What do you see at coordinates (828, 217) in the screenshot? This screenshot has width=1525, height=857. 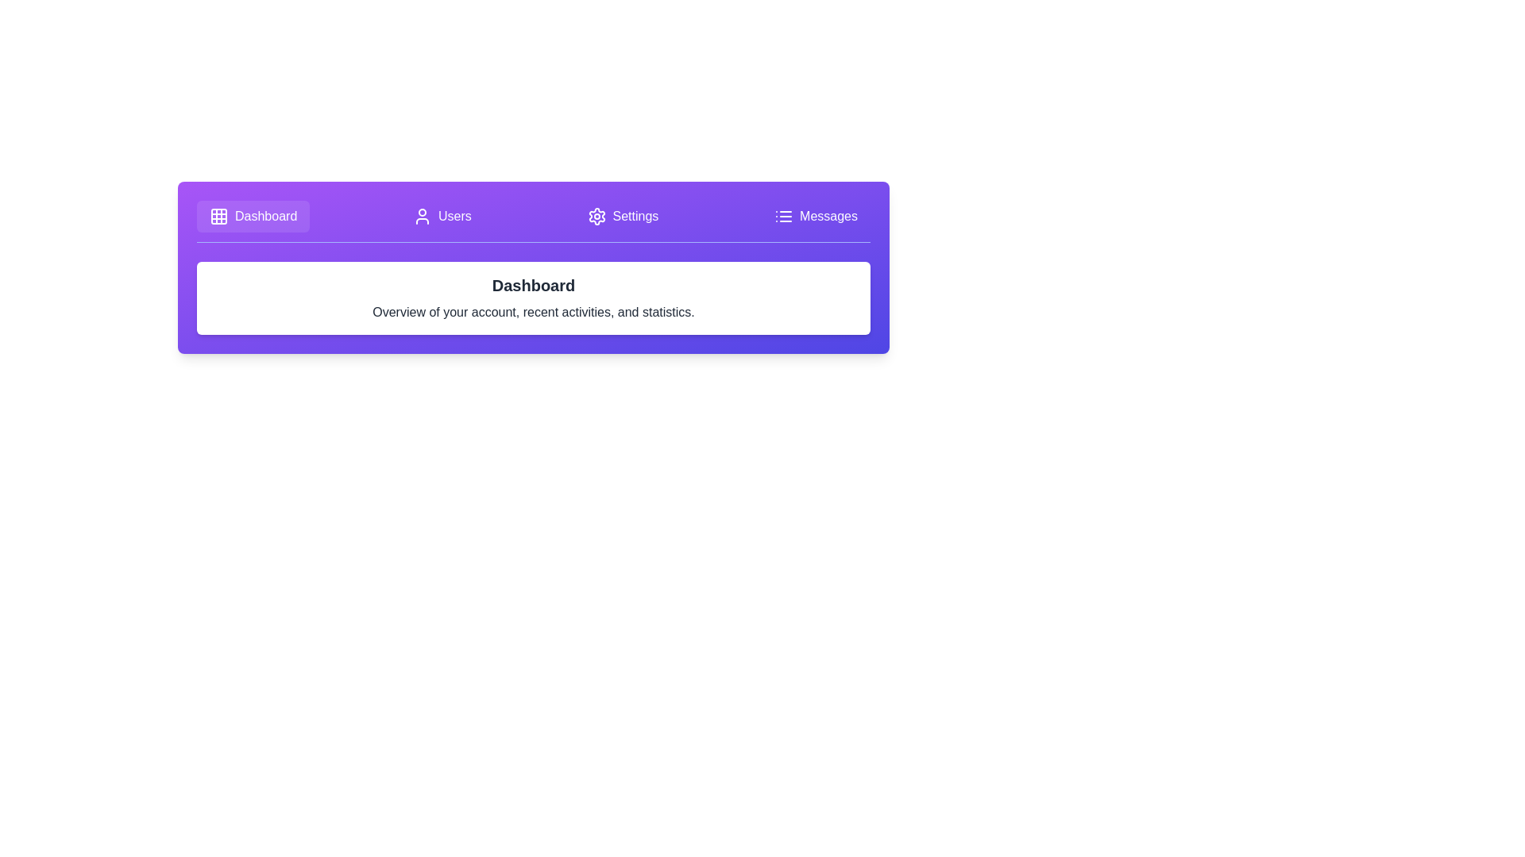 I see `the 'Messages' Text Label located in the navigation bar at the far right corner, adjacent to the list icon for additional visual feedback` at bounding box center [828, 217].